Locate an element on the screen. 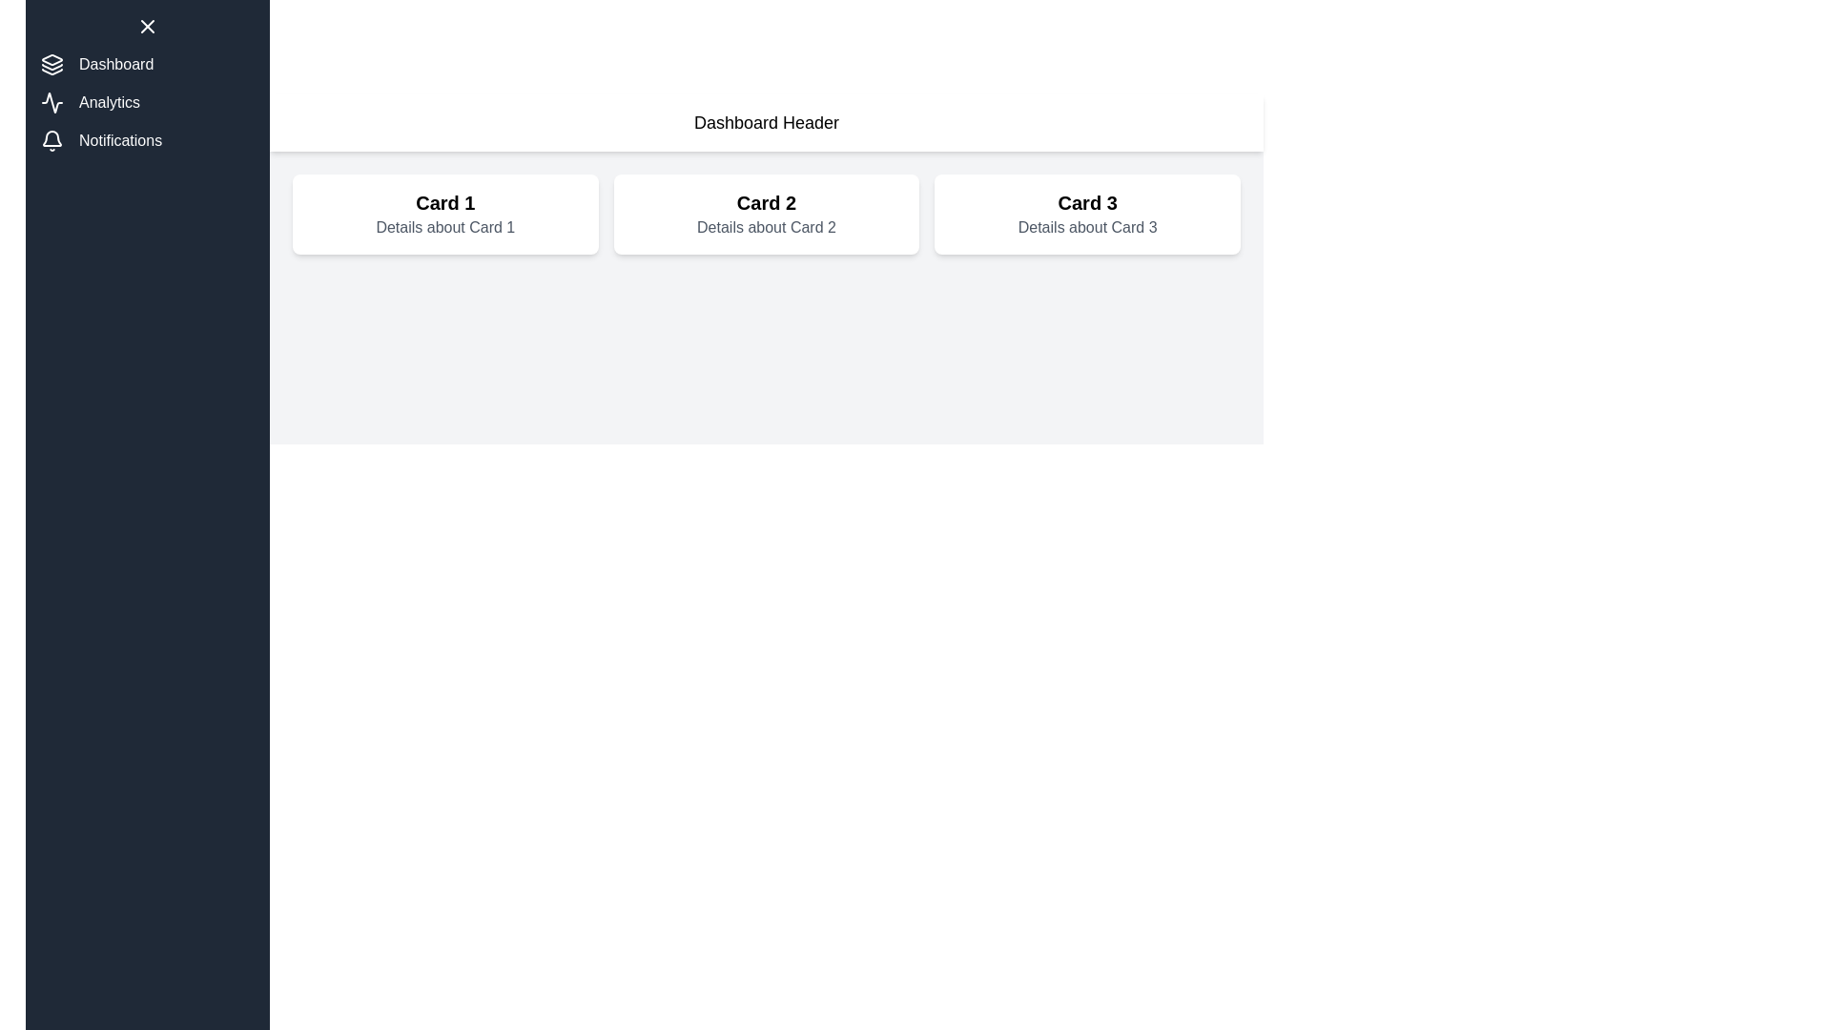 The image size is (1831, 1030). the 'Dashboard' navigational link in the sidebar menu is located at coordinates (146, 64).